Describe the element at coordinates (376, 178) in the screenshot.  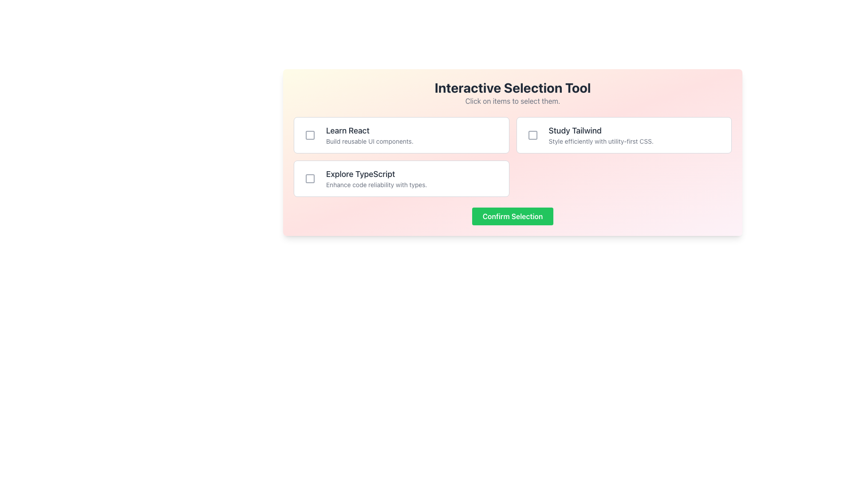
I see `the static text content located in the second card from the top, which provides descriptive text information and is positioned to the right of a square checkbox icon` at that location.